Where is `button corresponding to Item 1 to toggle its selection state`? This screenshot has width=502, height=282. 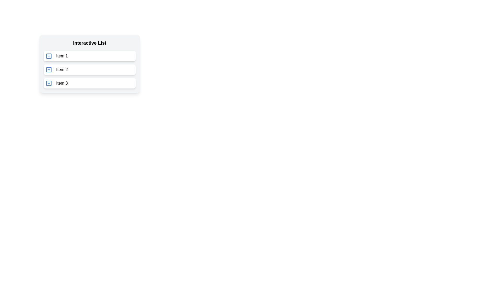
button corresponding to Item 1 to toggle its selection state is located at coordinates (49, 56).